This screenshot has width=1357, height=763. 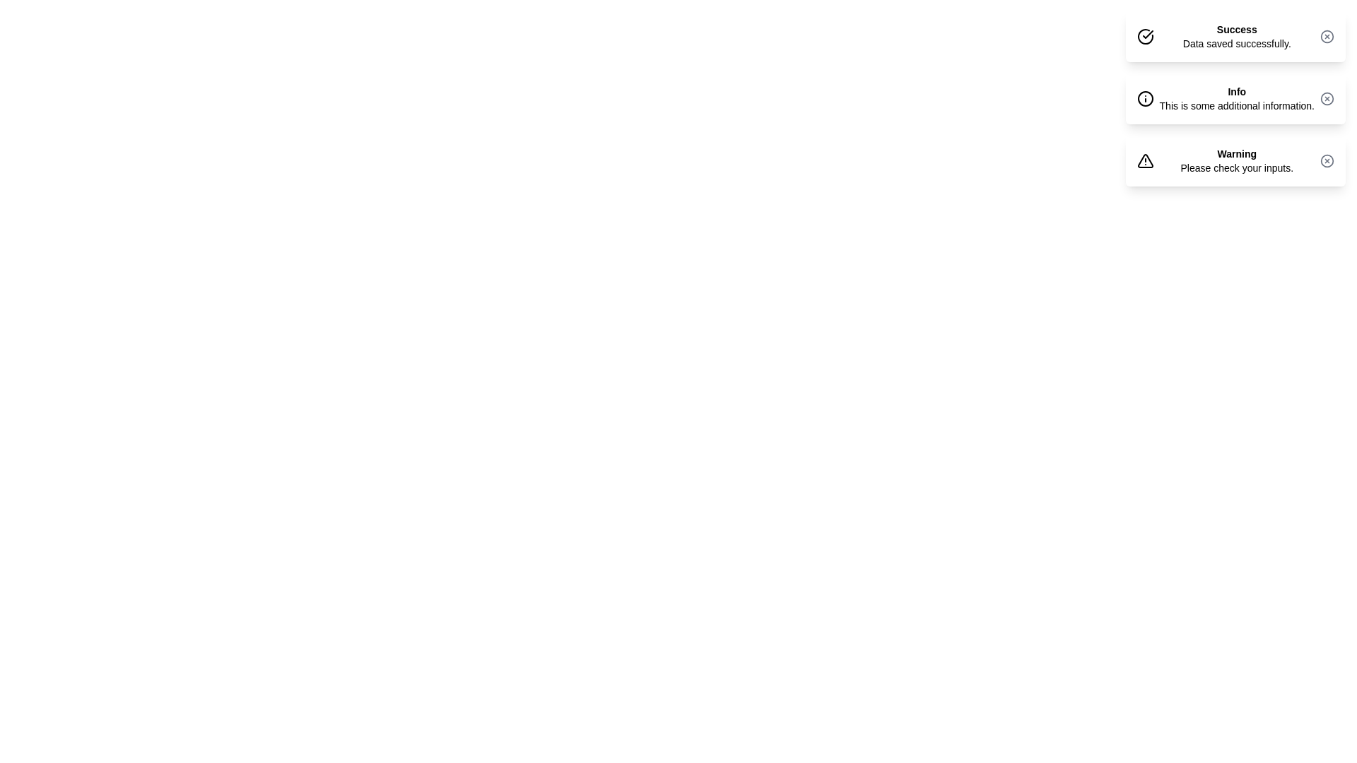 What do you see at coordinates (1326, 97) in the screenshot?
I see `the close button located at the top-right corner of the 'Info' notification card` at bounding box center [1326, 97].